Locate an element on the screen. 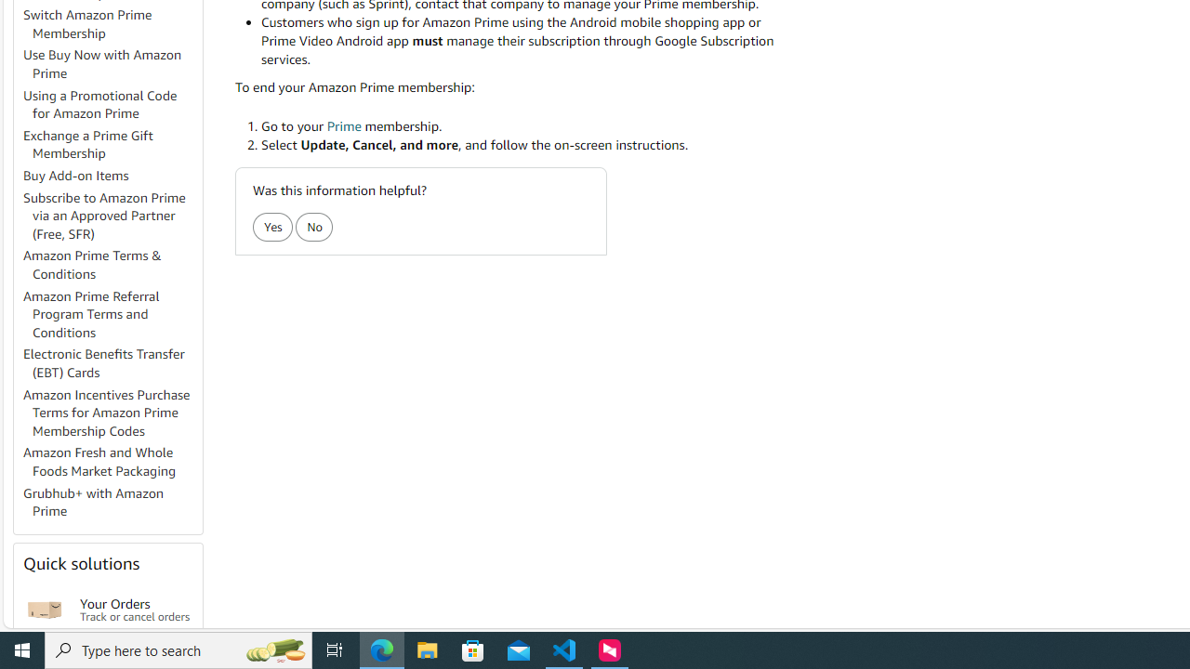  'Electronic Benefits Transfer (EBT) Cards' is located at coordinates (111, 364).